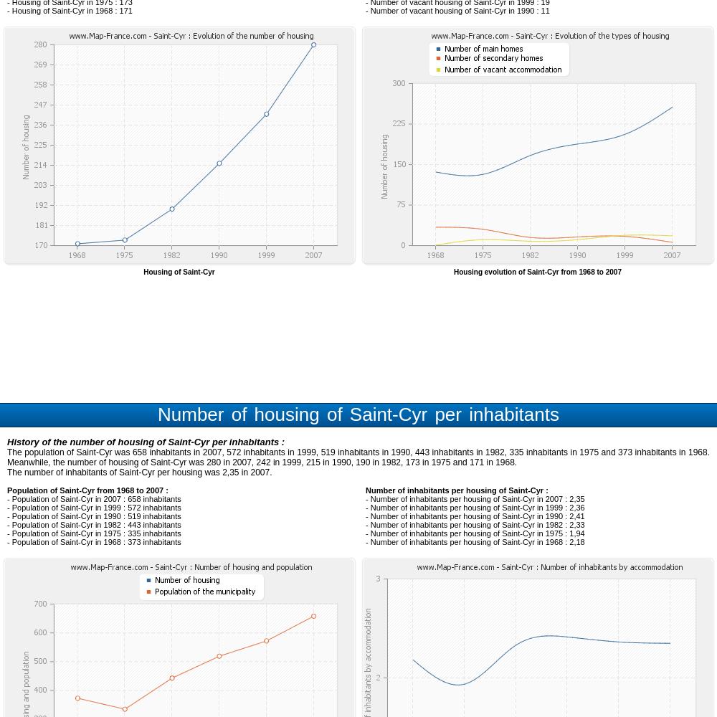  I want to click on '- Population of Saint-Cyr in 1999 : 572 inhabitants', so click(94, 507).